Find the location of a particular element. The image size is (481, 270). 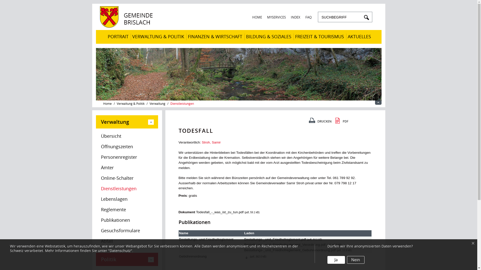

'Personenregister' is located at coordinates (127, 157).